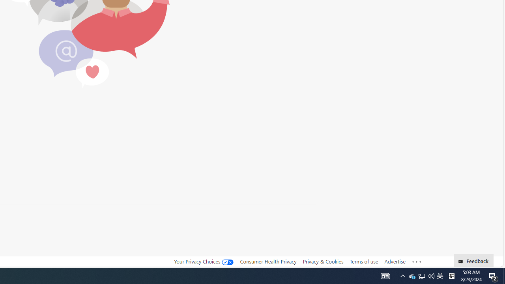  What do you see at coordinates (363, 261) in the screenshot?
I see `'Terms of use'` at bounding box center [363, 261].